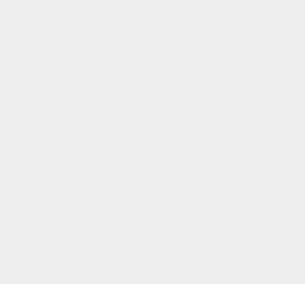 The width and height of the screenshot is (305, 284). Describe the element at coordinates (223, 167) in the screenshot. I see `'Apple Pay'` at that location.